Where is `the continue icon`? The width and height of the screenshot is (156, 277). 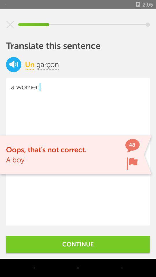
the continue icon is located at coordinates (78, 244).